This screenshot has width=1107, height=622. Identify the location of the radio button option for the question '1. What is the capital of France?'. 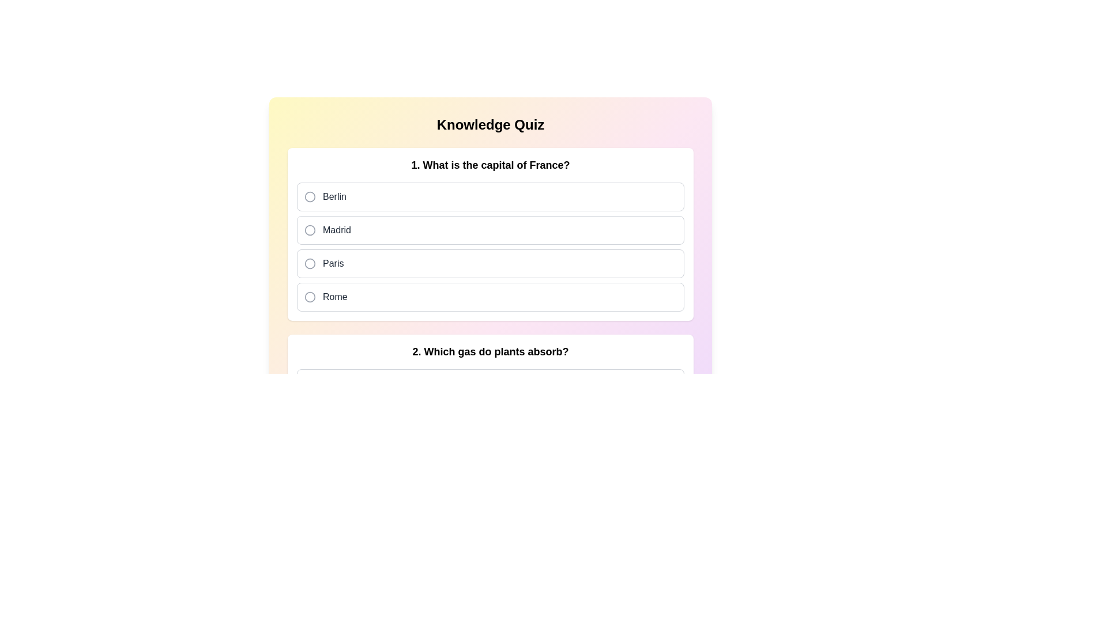
(490, 246).